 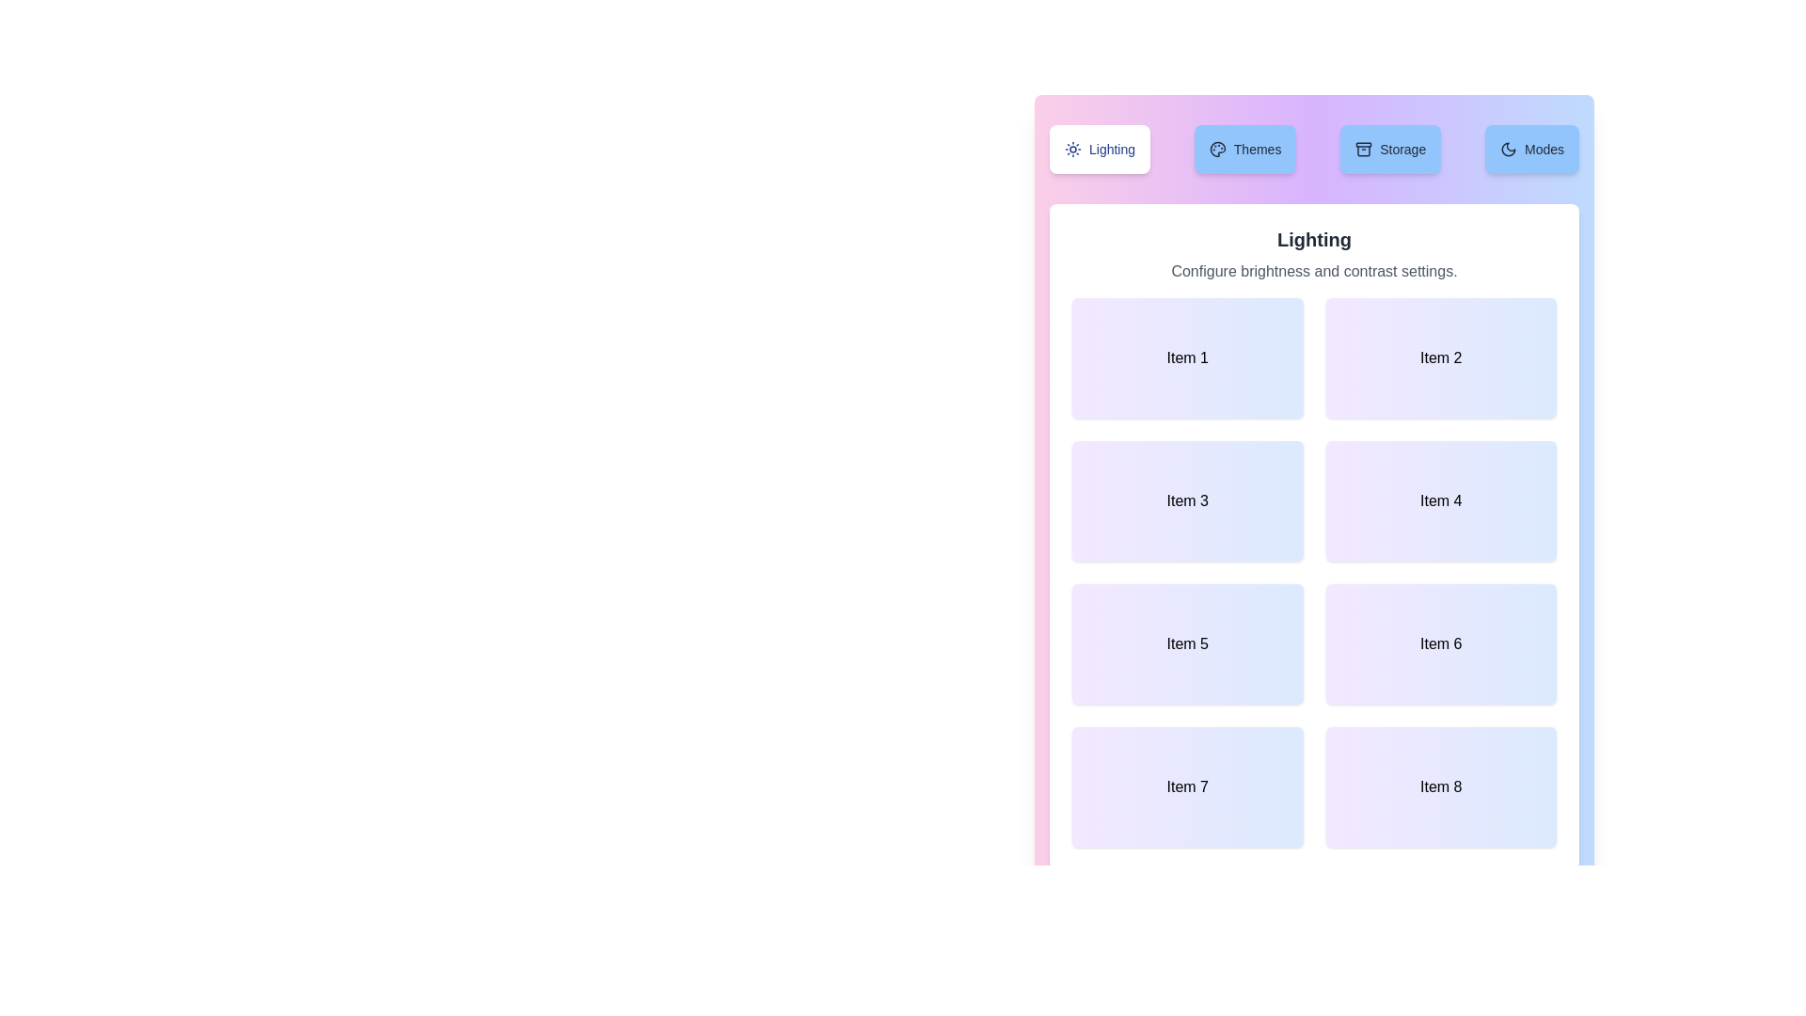 I want to click on the button labeled Themes to observe the hover effect, so click(x=1245, y=148).